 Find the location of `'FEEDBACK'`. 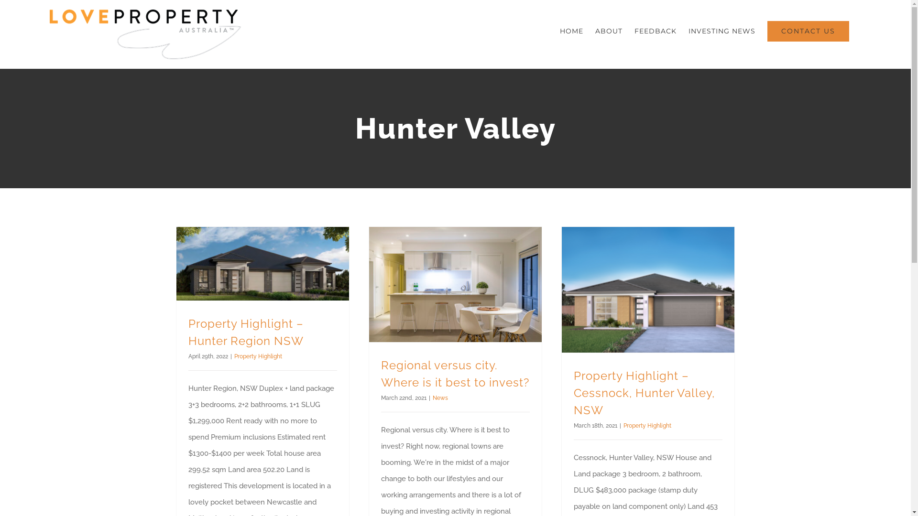

'FEEDBACK' is located at coordinates (655, 31).